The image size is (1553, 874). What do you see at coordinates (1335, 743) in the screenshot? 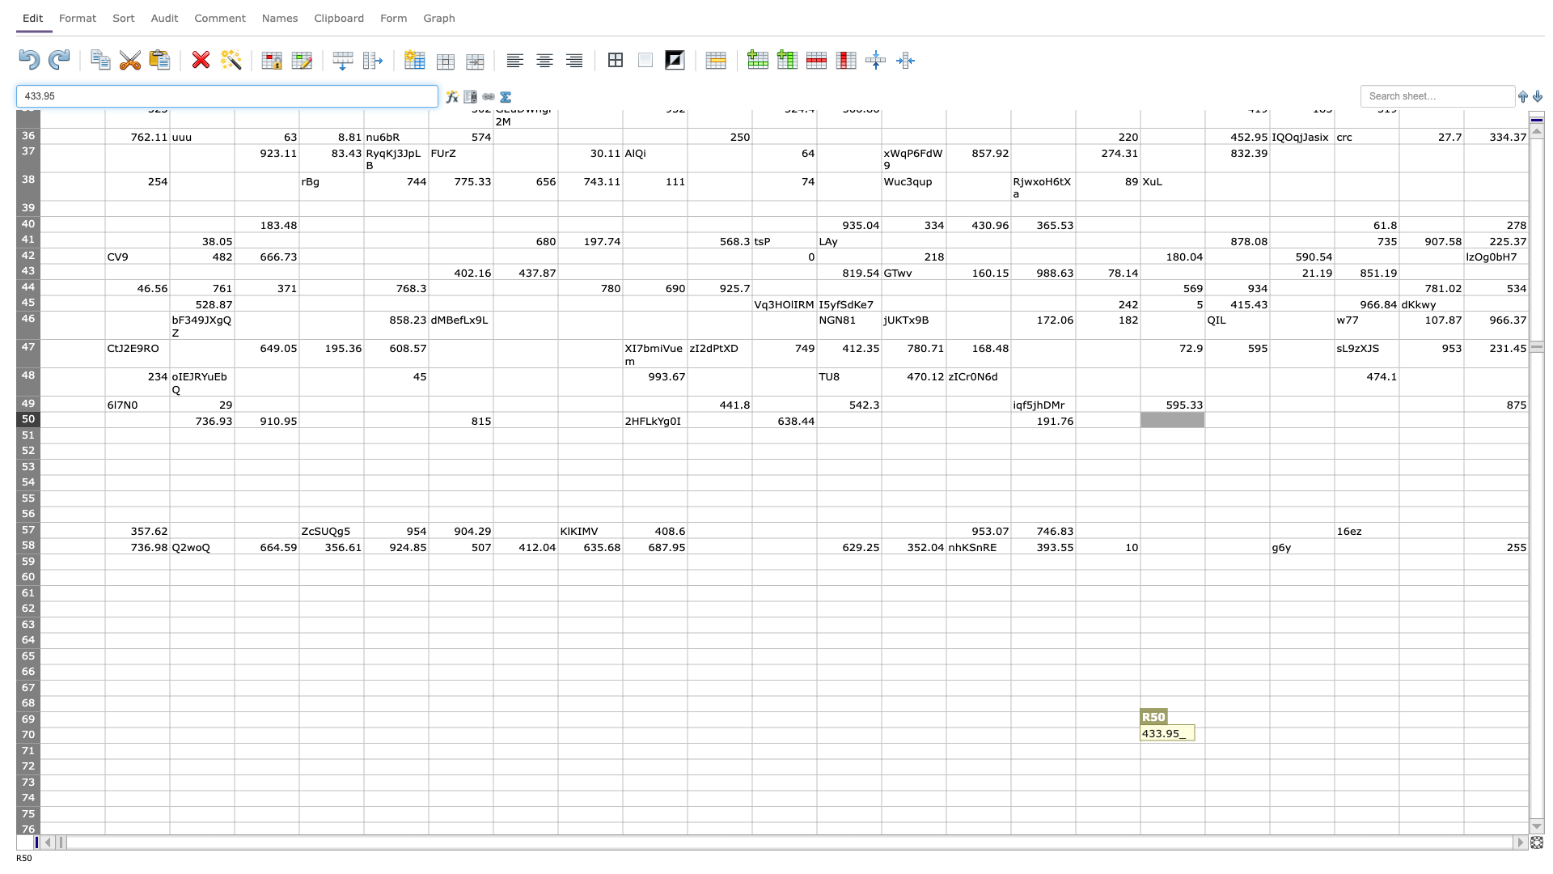
I see `fill handle of T70` at bounding box center [1335, 743].